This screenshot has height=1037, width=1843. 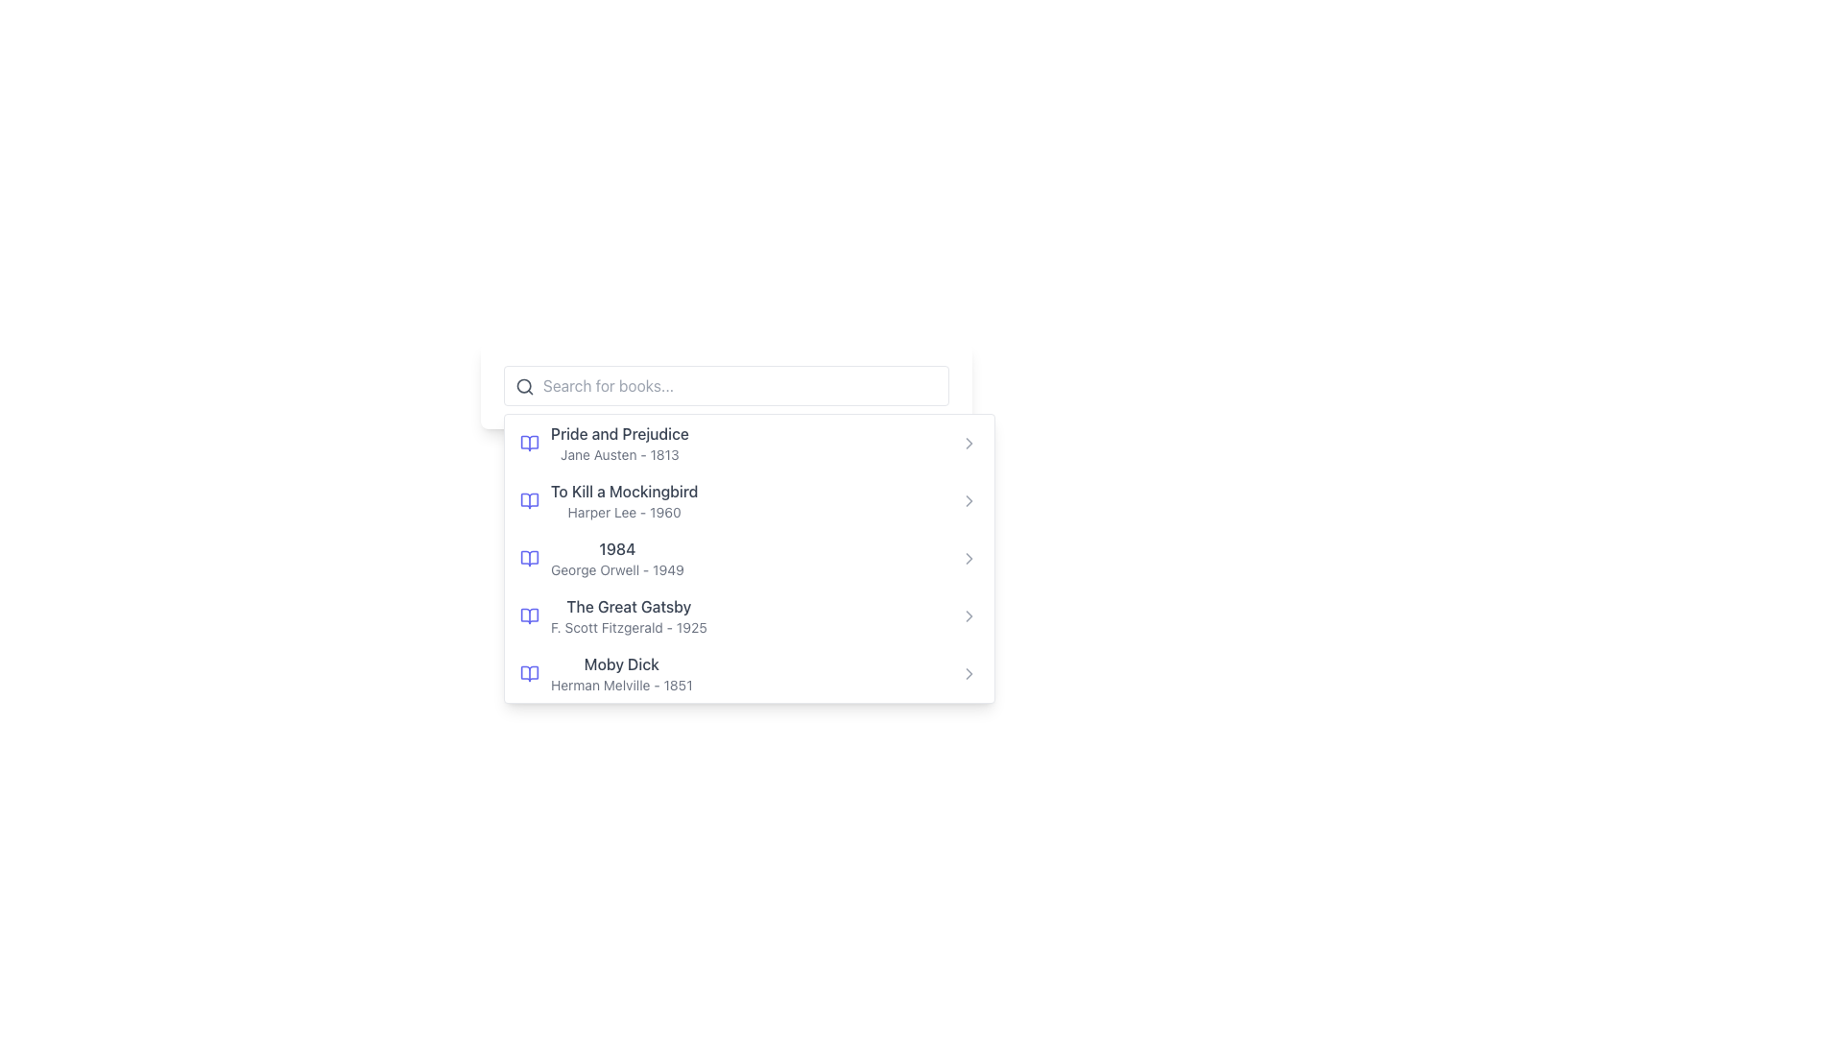 I want to click on the List Item element containing the text '1984' by George Orwell, so click(x=601, y=559).